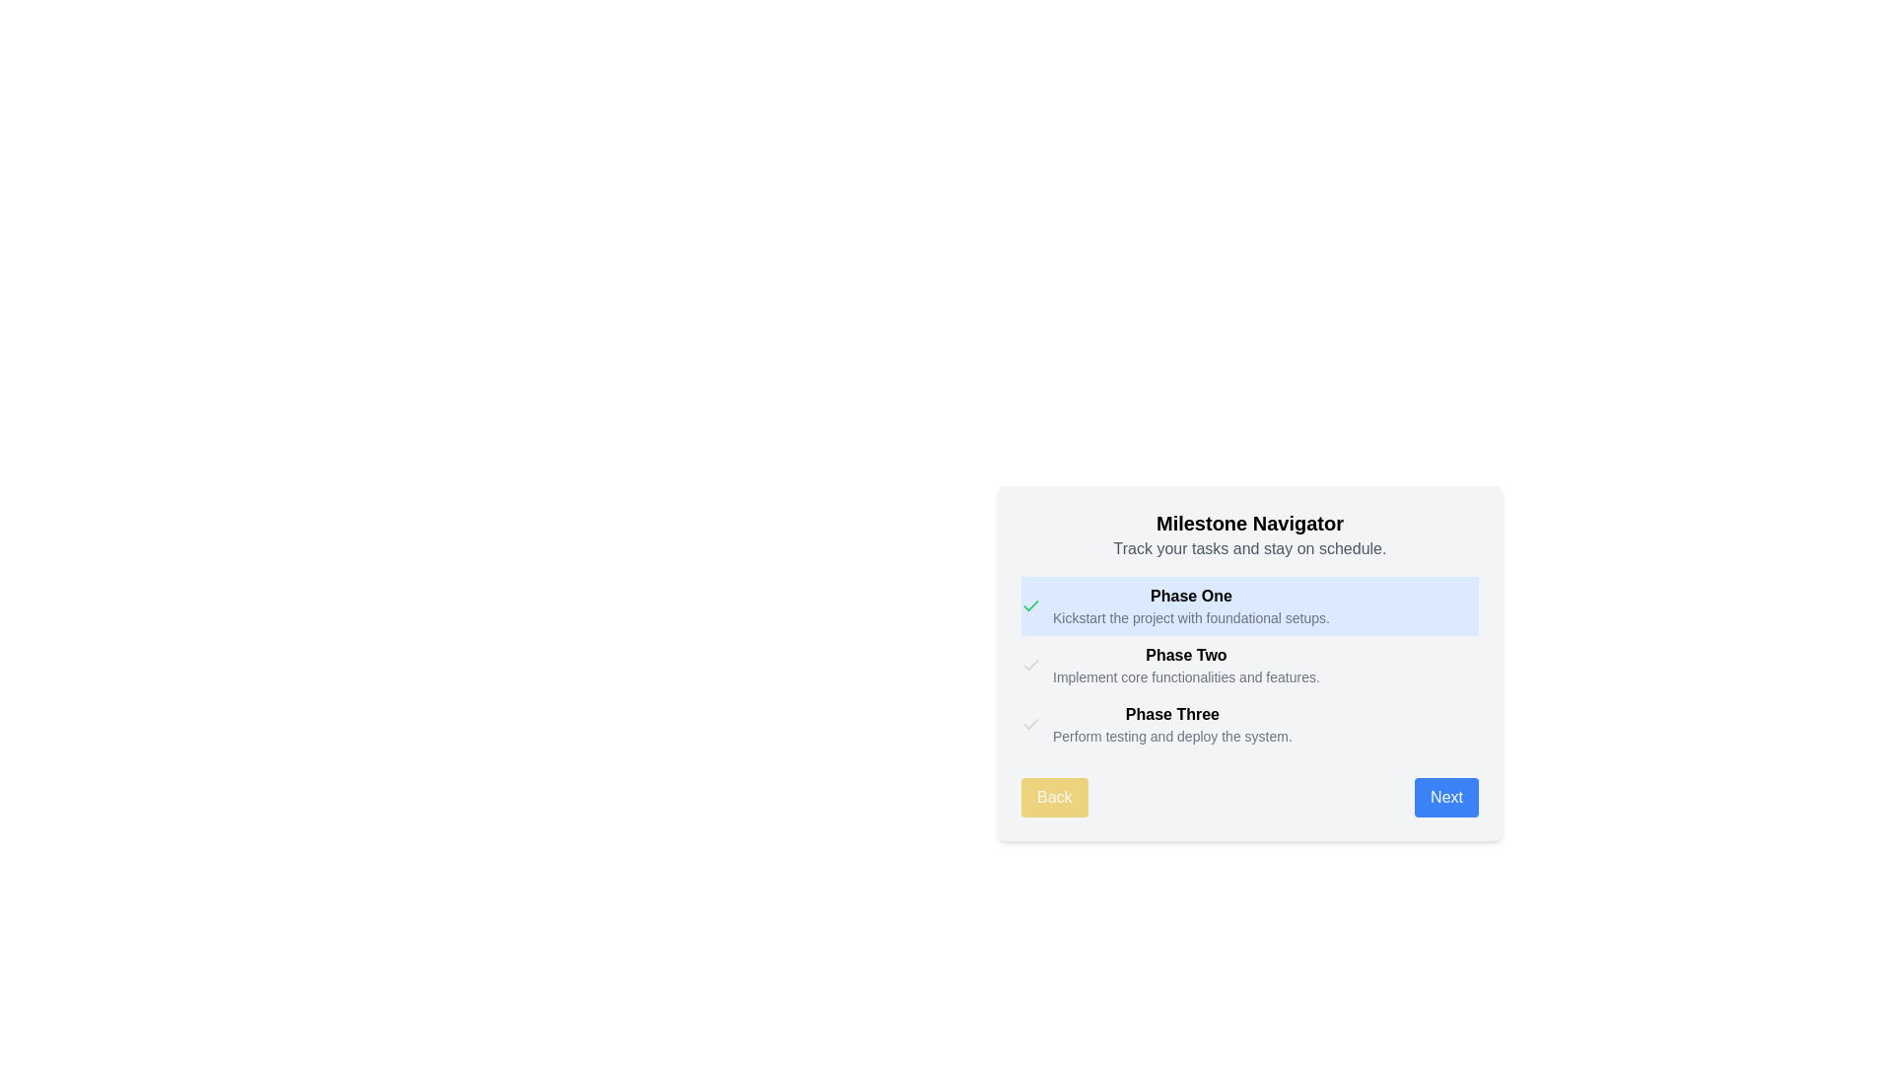 This screenshot has width=1893, height=1065. I want to click on the Button Group located at the bottom of the milestone navigator interface, specifically, so click(1248, 797).